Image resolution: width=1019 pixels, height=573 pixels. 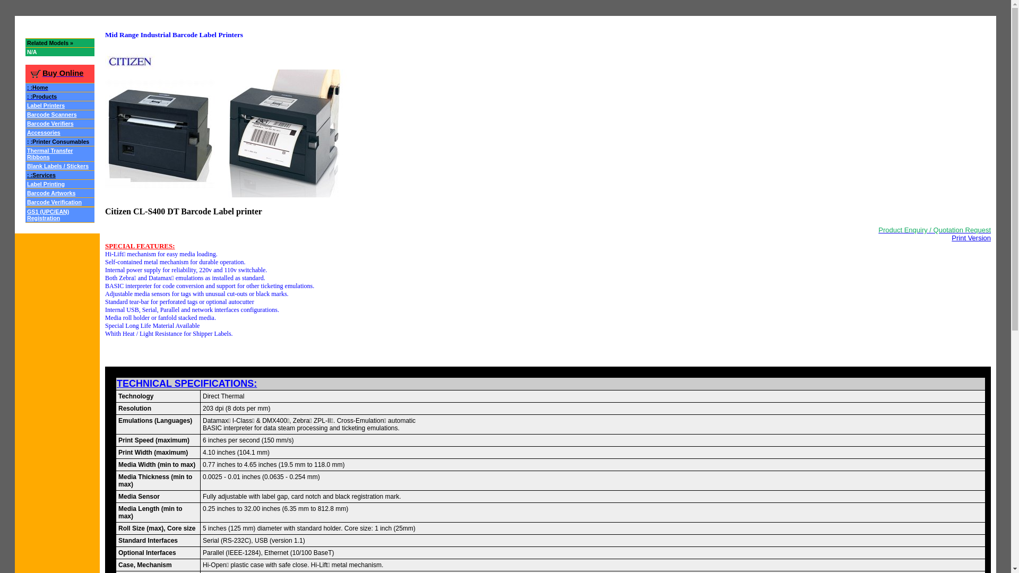 I want to click on 'Thermal Transfer Ribbons', so click(x=49, y=153).